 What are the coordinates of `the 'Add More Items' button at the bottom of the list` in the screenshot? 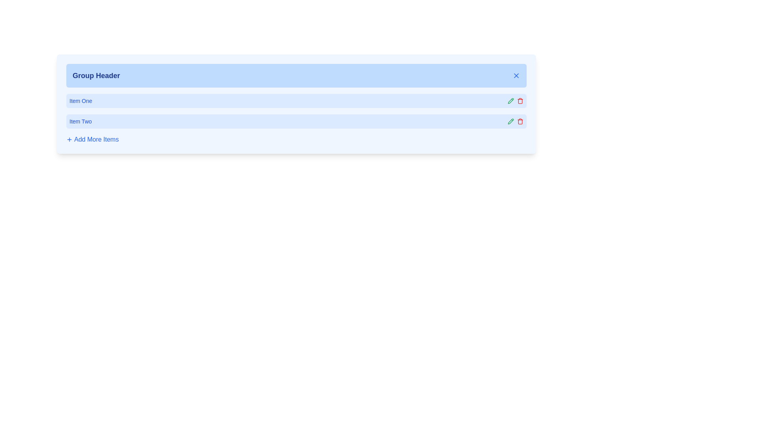 It's located at (296, 139).